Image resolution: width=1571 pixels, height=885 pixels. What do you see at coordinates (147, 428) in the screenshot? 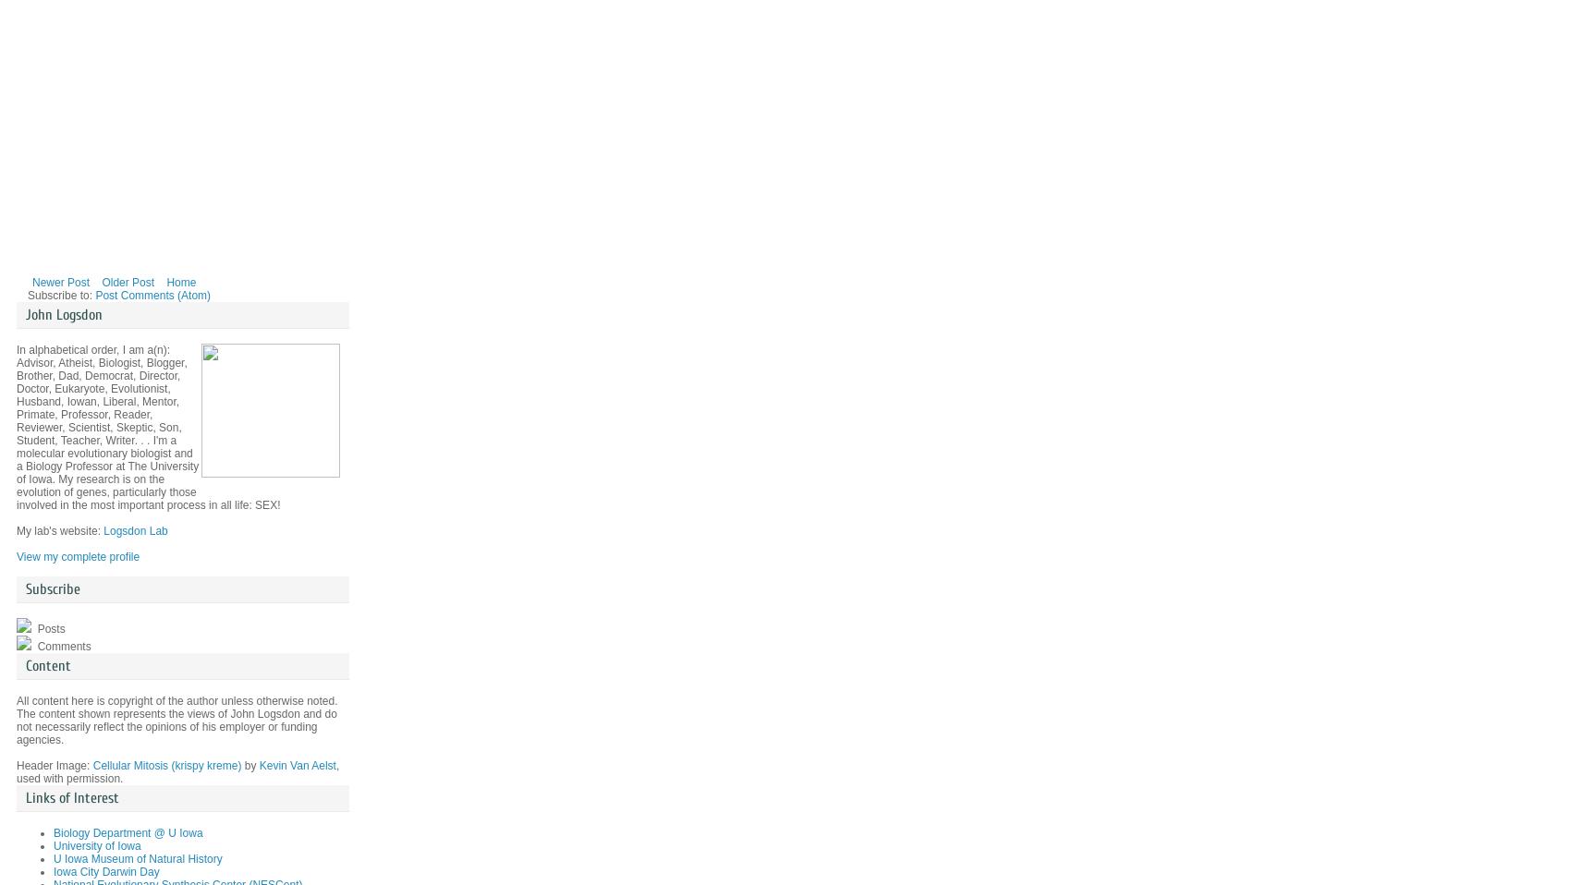
I see `'In alphabetical order, I am a(n): Advisor, Atheist, Biologist, Blogger, Brother, Dad, Democrat, Director, Doctor, Eukaryote, Evolutionist, Husband, Iowan, Liberal, Mentor, Primate, Professor, Reader, Reviewer, Scientist, Skeptic, Son, Student, Teacher, Writer. . . I'm a molecular evolutionary biologist and a Biology Professor at The University of Iowa. My research is on the evolution of genes, particularly those involved in the most important process in all life: SEX!'` at bounding box center [147, 428].